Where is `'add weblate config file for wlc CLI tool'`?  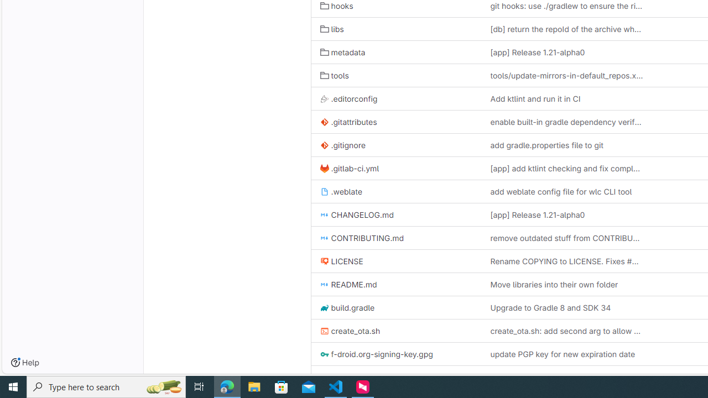
'add weblate config file for wlc CLI tool' is located at coordinates (561, 191).